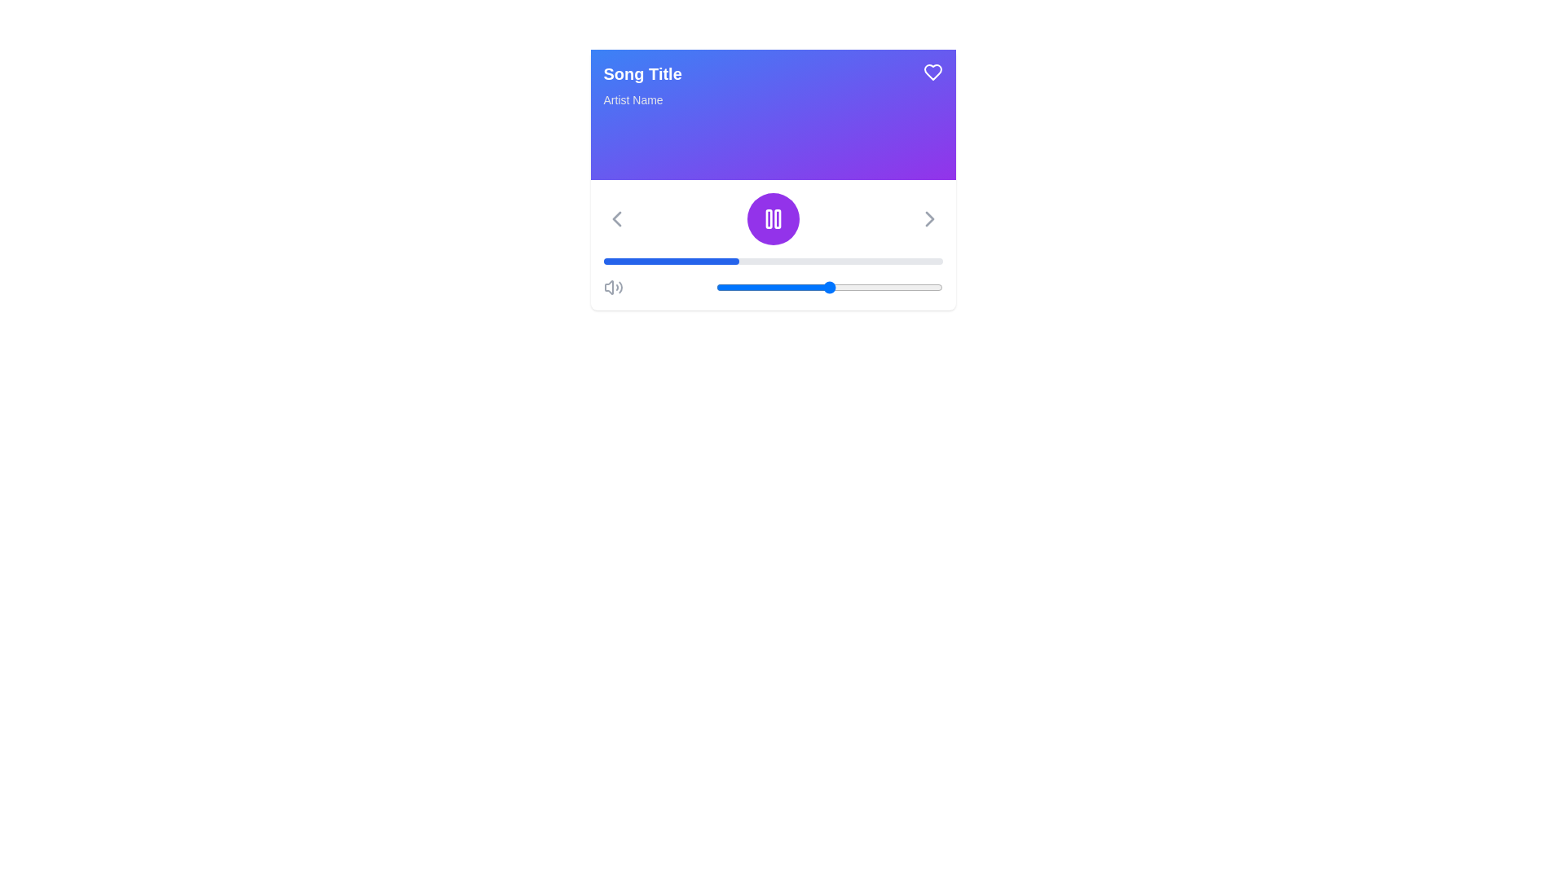  I want to click on the slider value, so click(745, 287).